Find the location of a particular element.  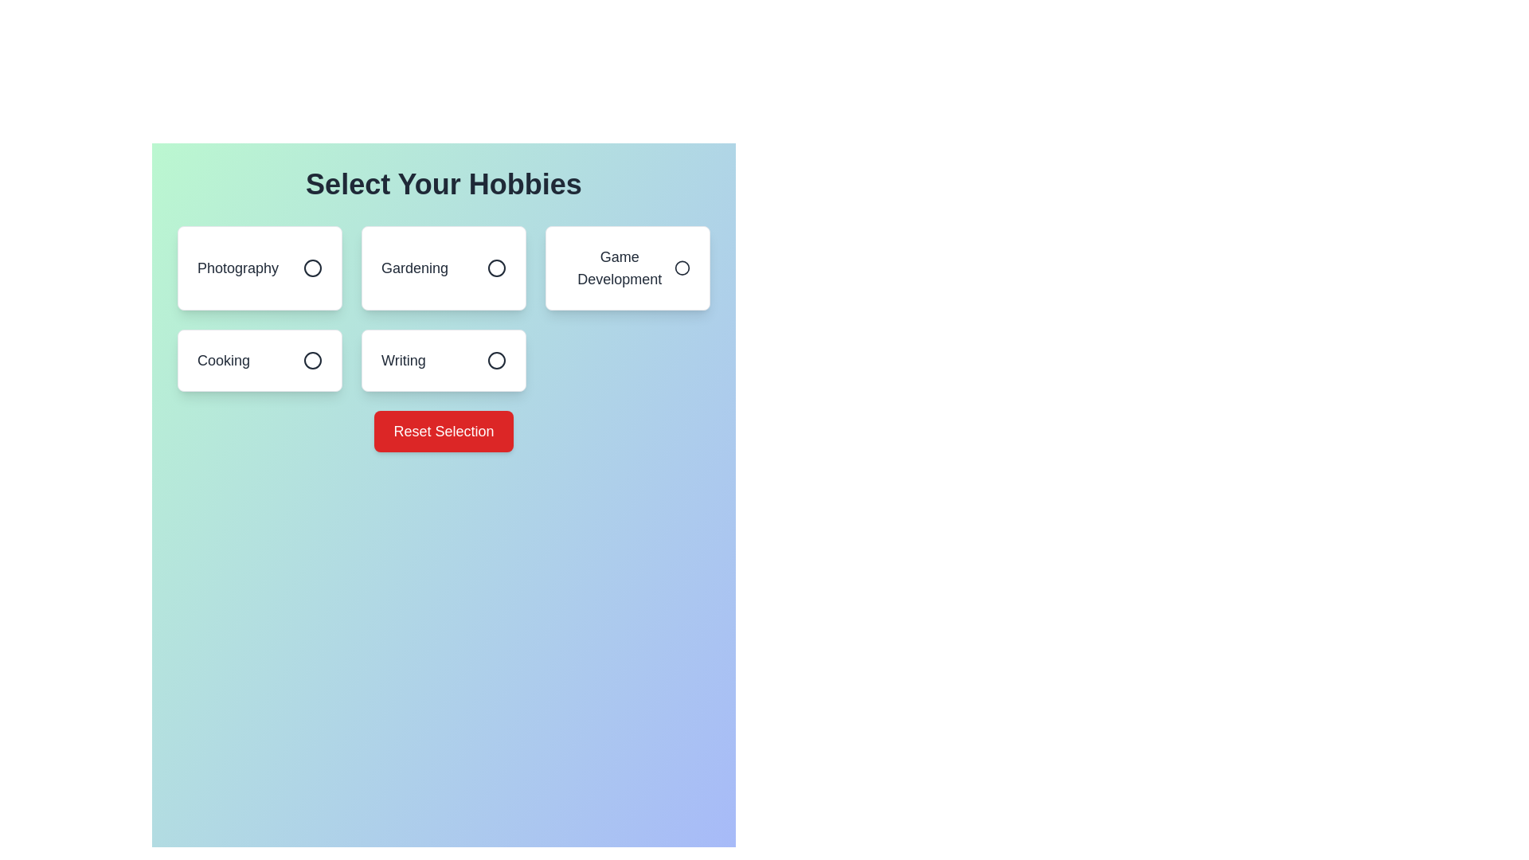

the hobby item Photography is located at coordinates (260, 267).